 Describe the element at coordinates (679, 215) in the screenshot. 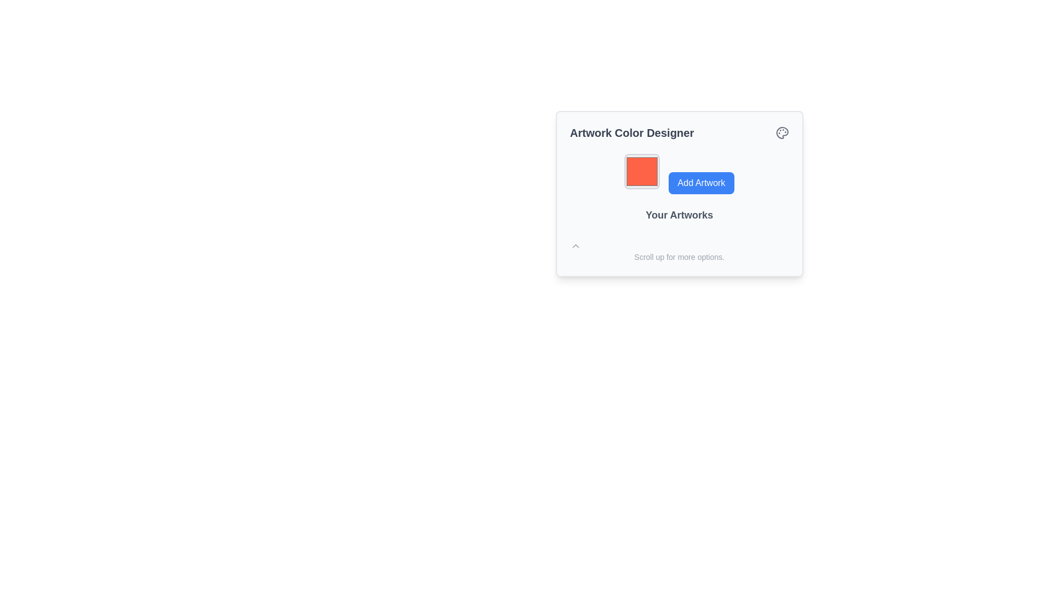

I see `Text Label that indicates the section for managing artwork items, positioned beneath the 'Add Artwork' button and above the 'Scroll up for more options.' text` at that location.